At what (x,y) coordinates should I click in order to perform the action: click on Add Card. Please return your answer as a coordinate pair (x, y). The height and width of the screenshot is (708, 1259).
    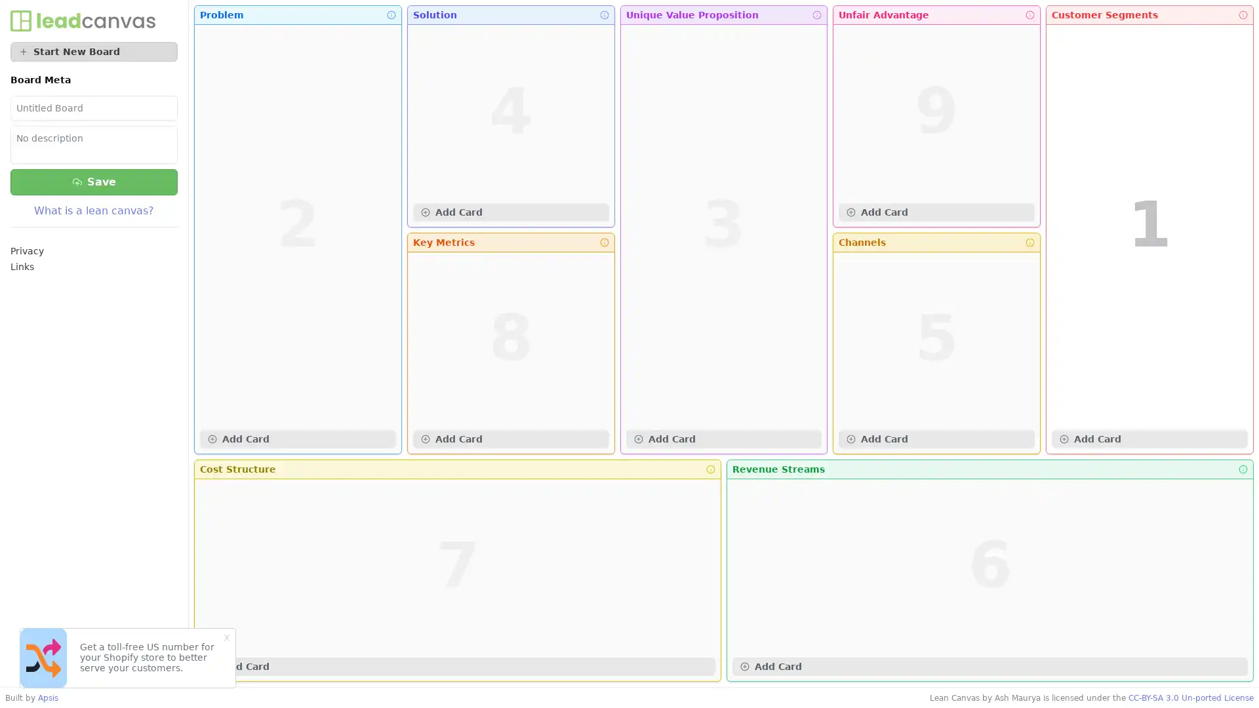
    Looking at the image, I should click on (457, 667).